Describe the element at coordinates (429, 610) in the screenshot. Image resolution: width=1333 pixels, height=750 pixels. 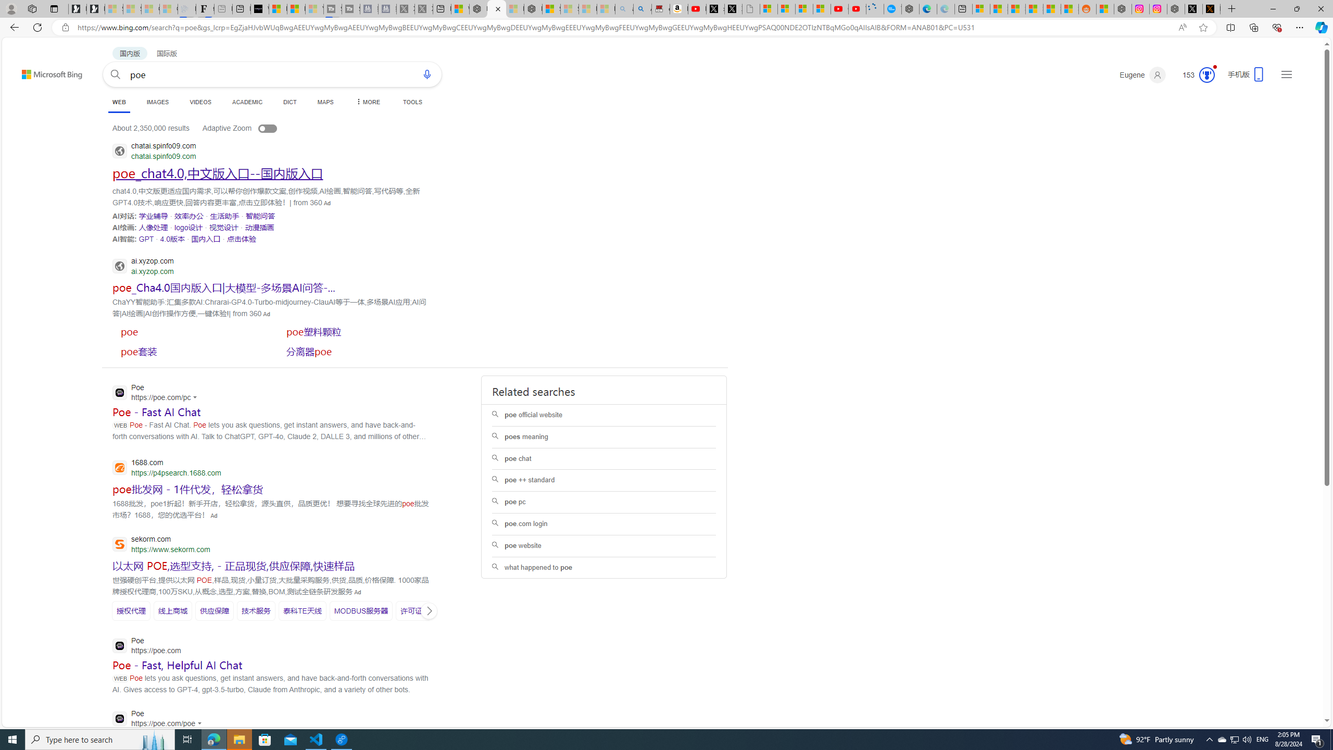
I see `'Click to scroll right'` at that location.